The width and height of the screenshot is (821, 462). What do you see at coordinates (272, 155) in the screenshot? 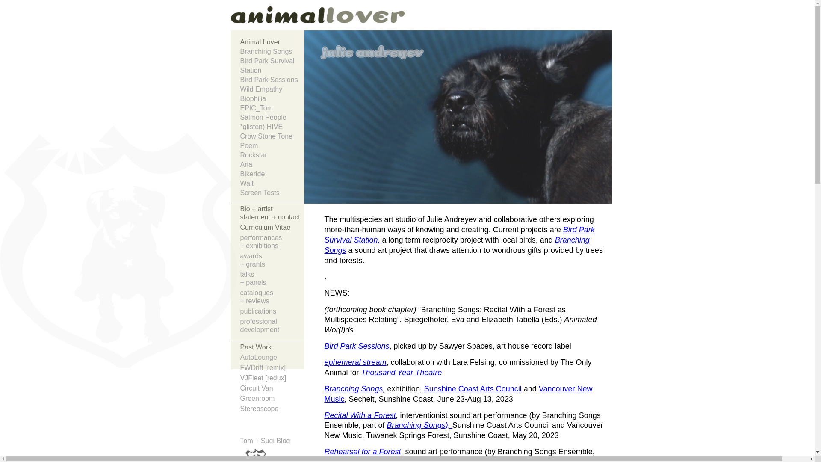
I see `'Rockstar'` at bounding box center [272, 155].